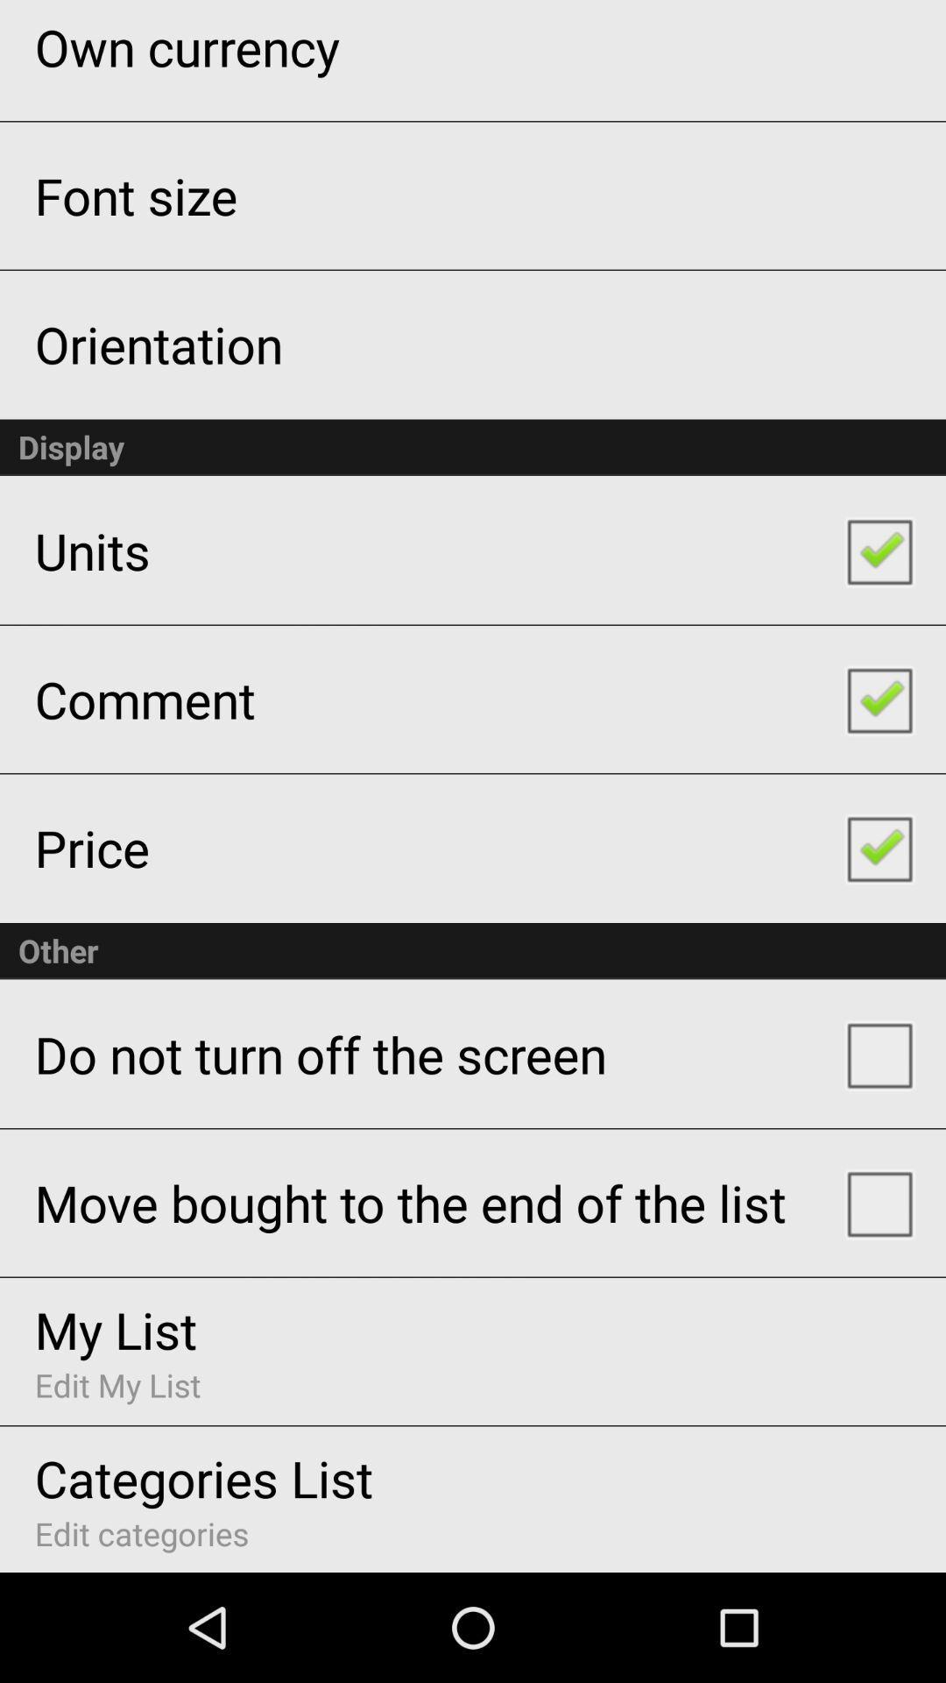 The image size is (946, 1683). I want to click on units icon, so click(92, 550).